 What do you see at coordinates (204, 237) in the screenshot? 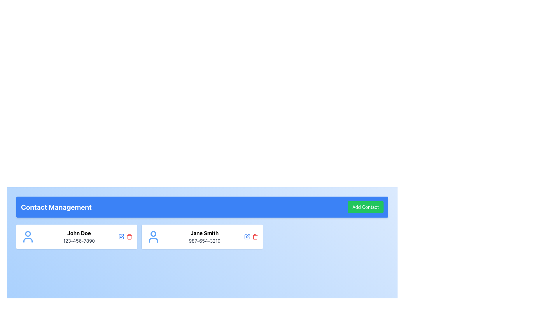
I see `the text block displaying 'Jane Smith' and '987-654-3210'` at bounding box center [204, 237].